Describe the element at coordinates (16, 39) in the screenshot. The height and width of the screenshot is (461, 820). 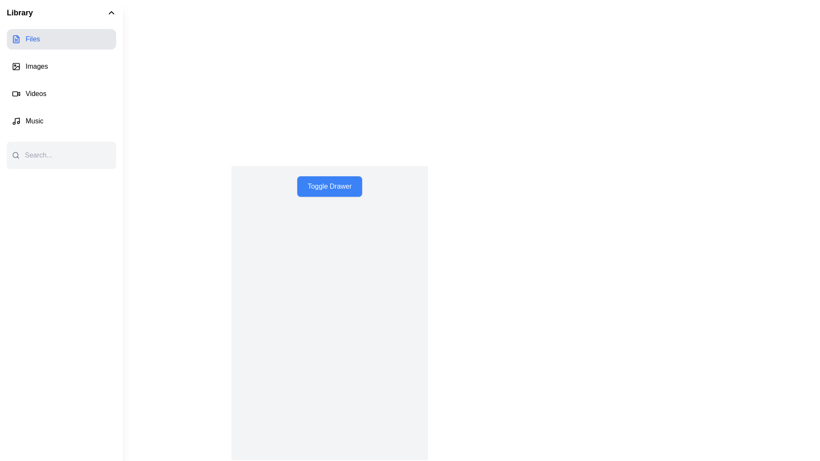
I see `the Graphic icon located at the top of the vertical list in the sidebar, adjacent to the 'Files' label` at that location.